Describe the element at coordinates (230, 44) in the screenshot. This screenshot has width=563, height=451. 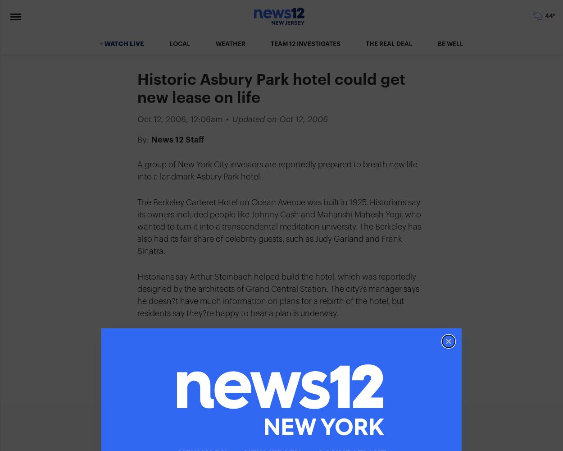
I see `'Weather'` at that location.